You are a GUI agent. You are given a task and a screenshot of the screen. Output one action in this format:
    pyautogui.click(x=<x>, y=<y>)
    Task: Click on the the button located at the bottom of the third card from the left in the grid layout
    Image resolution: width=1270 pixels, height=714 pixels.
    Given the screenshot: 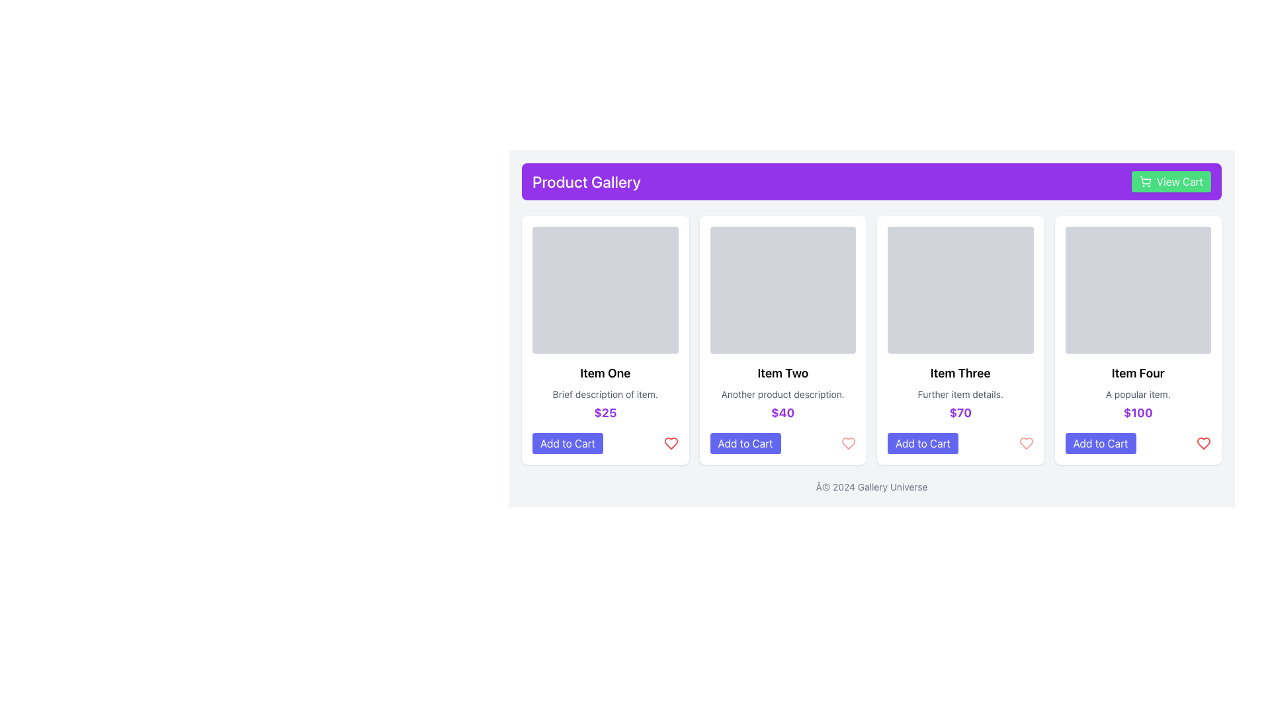 What is the action you would take?
    pyautogui.click(x=922, y=444)
    